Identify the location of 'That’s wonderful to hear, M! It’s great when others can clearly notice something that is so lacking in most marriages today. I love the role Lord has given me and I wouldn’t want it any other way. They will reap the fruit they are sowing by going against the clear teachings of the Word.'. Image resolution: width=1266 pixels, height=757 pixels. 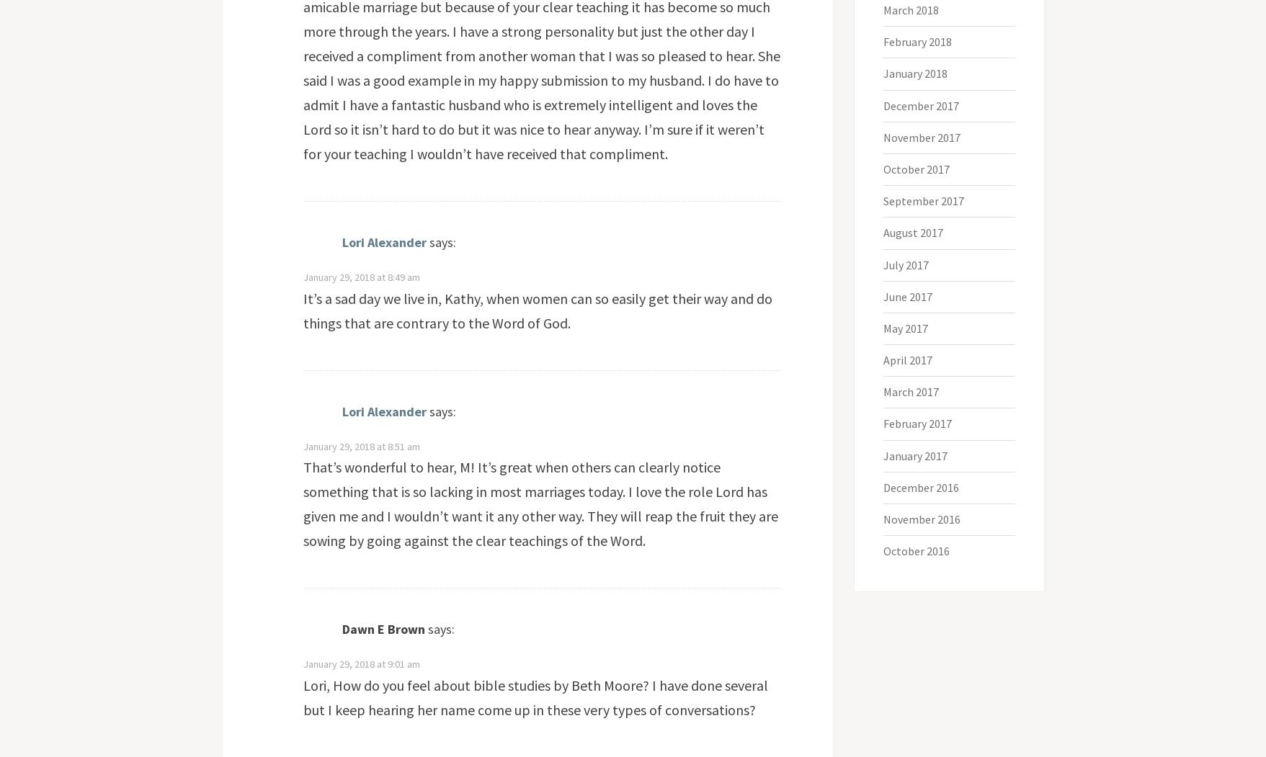
(539, 503).